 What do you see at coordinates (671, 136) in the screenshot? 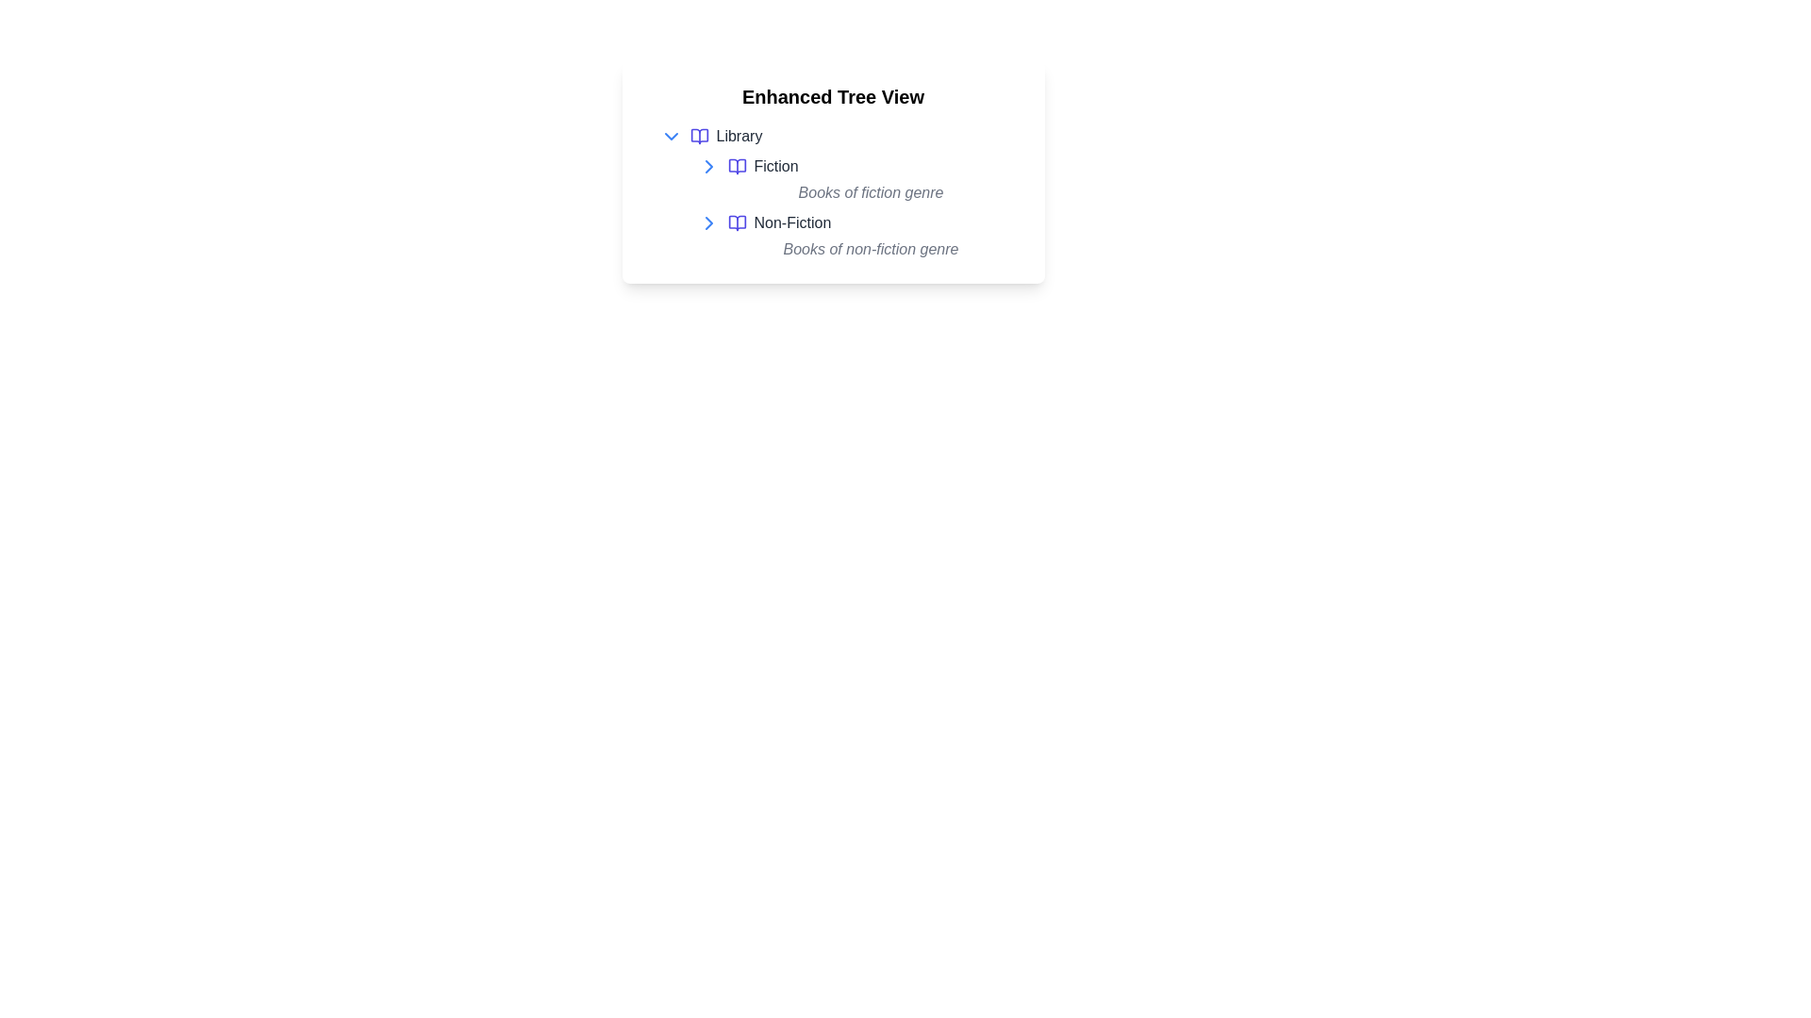
I see `the blue chevron-style downward arrow icon indicating an expandable or collapsible menu for the 'Library' label` at bounding box center [671, 136].